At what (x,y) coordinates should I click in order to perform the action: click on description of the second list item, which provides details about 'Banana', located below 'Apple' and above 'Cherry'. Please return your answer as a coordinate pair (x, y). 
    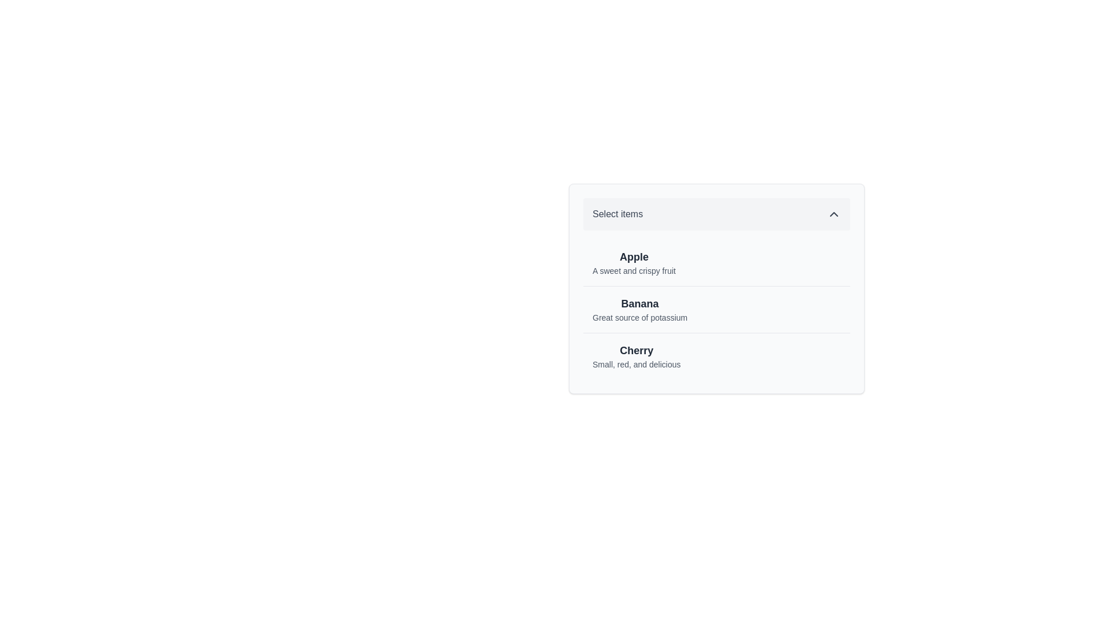
    Looking at the image, I should click on (716, 309).